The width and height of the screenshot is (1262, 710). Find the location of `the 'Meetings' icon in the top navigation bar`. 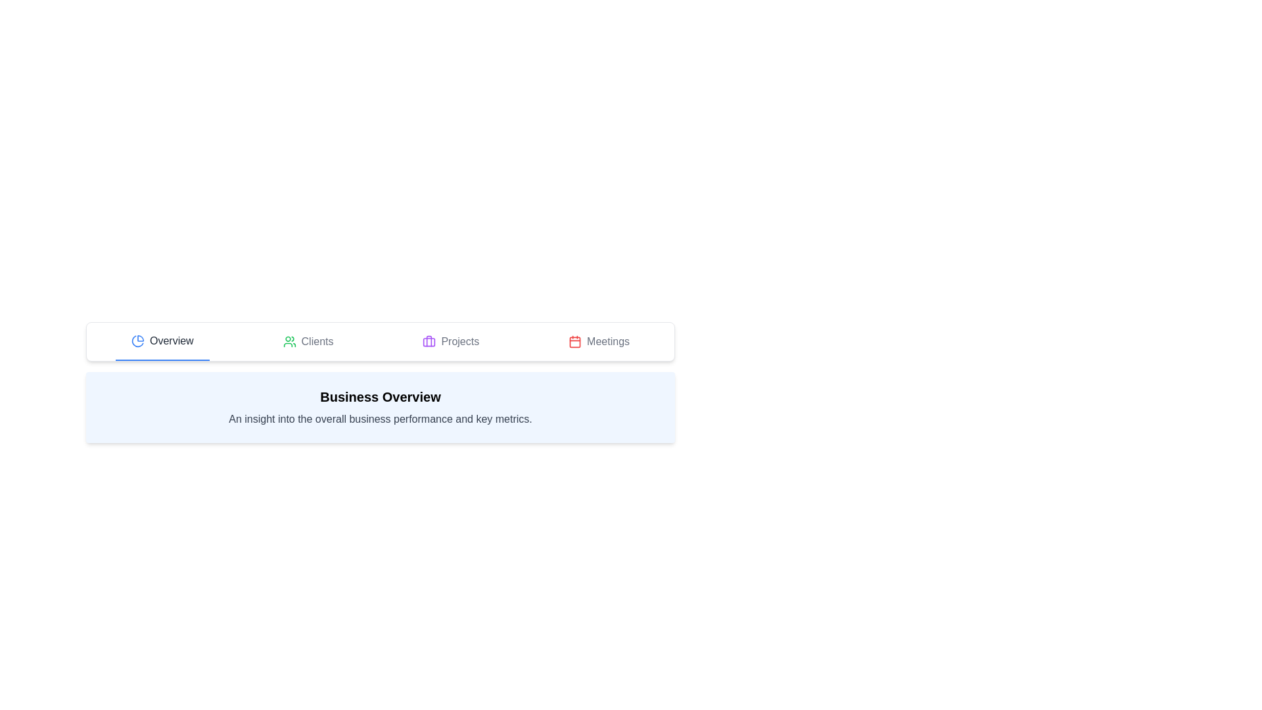

the 'Meetings' icon in the top navigation bar is located at coordinates (575, 341).